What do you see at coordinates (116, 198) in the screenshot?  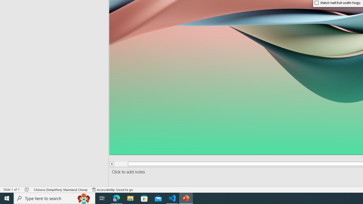 I see `'Microsoft Edge - 1 running window'` at bounding box center [116, 198].